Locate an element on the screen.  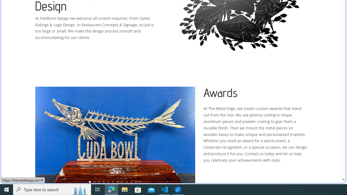
'2' is located at coordinates (94, 182).